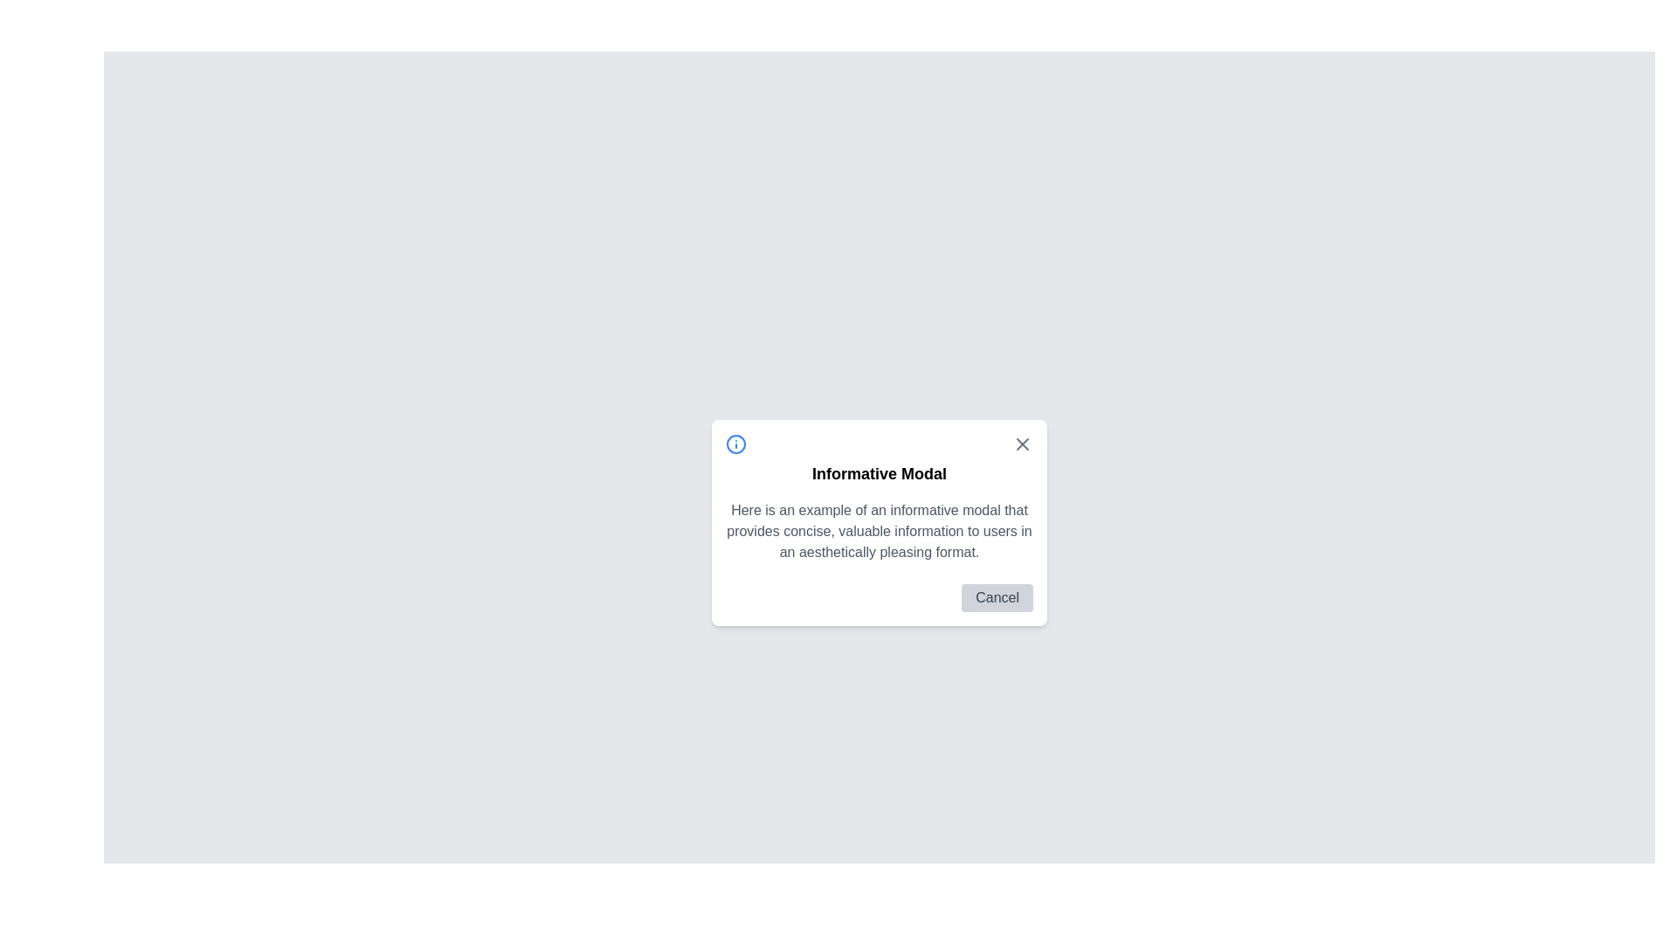  Describe the element at coordinates (997, 597) in the screenshot. I see `the cancel button located at the bottom-right corner of the modal dialog box` at that location.